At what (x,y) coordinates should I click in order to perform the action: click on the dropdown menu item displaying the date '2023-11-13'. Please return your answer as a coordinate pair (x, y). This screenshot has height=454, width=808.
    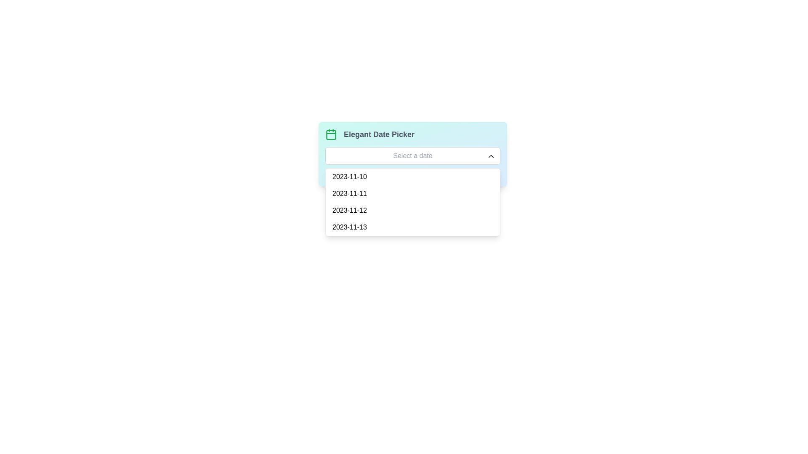
    Looking at the image, I should click on (412, 227).